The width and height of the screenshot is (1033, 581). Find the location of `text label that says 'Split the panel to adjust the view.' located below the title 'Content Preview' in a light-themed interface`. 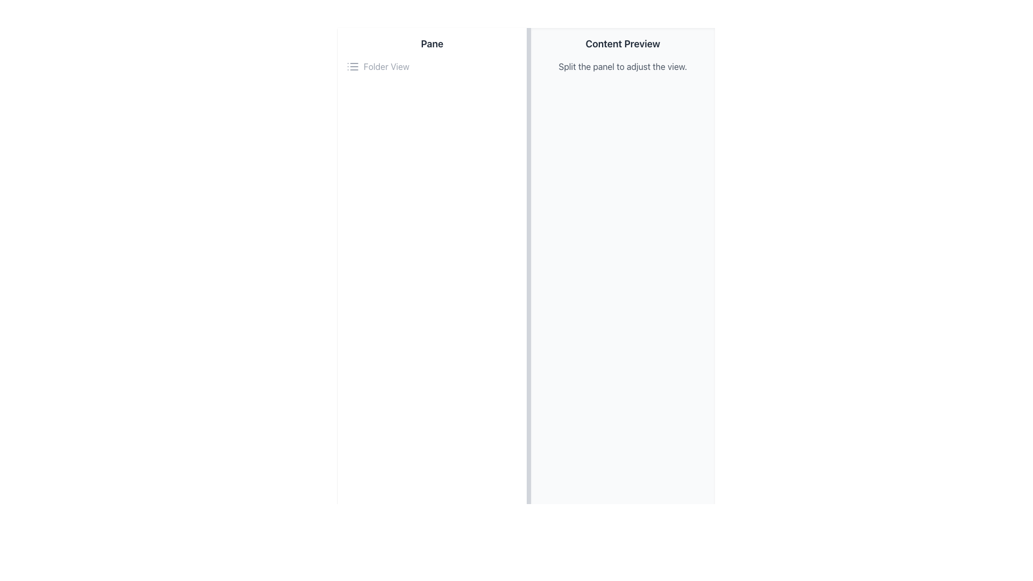

text label that says 'Split the panel to adjust the view.' located below the title 'Content Preview' in a light-themed interface is located at coordinates (622, 66).